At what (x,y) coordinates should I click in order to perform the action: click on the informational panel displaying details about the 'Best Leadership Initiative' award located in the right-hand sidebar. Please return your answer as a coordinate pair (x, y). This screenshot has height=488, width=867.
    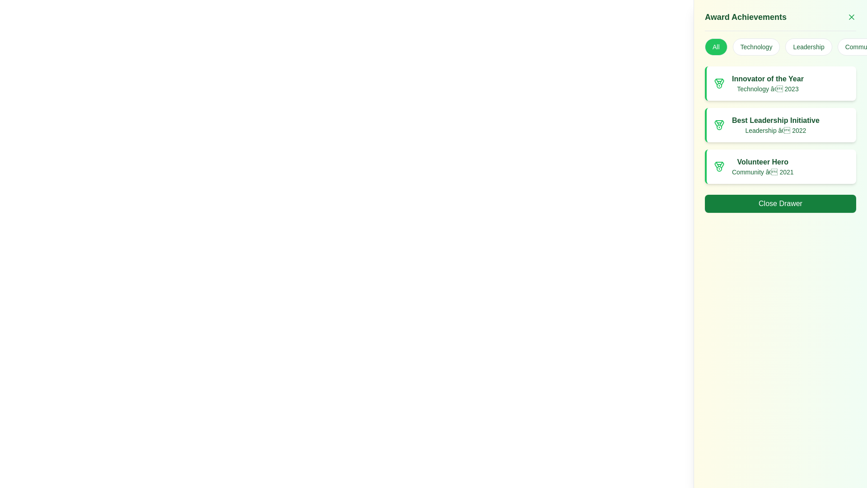
    Looking at the image, I should click on (780, 125).